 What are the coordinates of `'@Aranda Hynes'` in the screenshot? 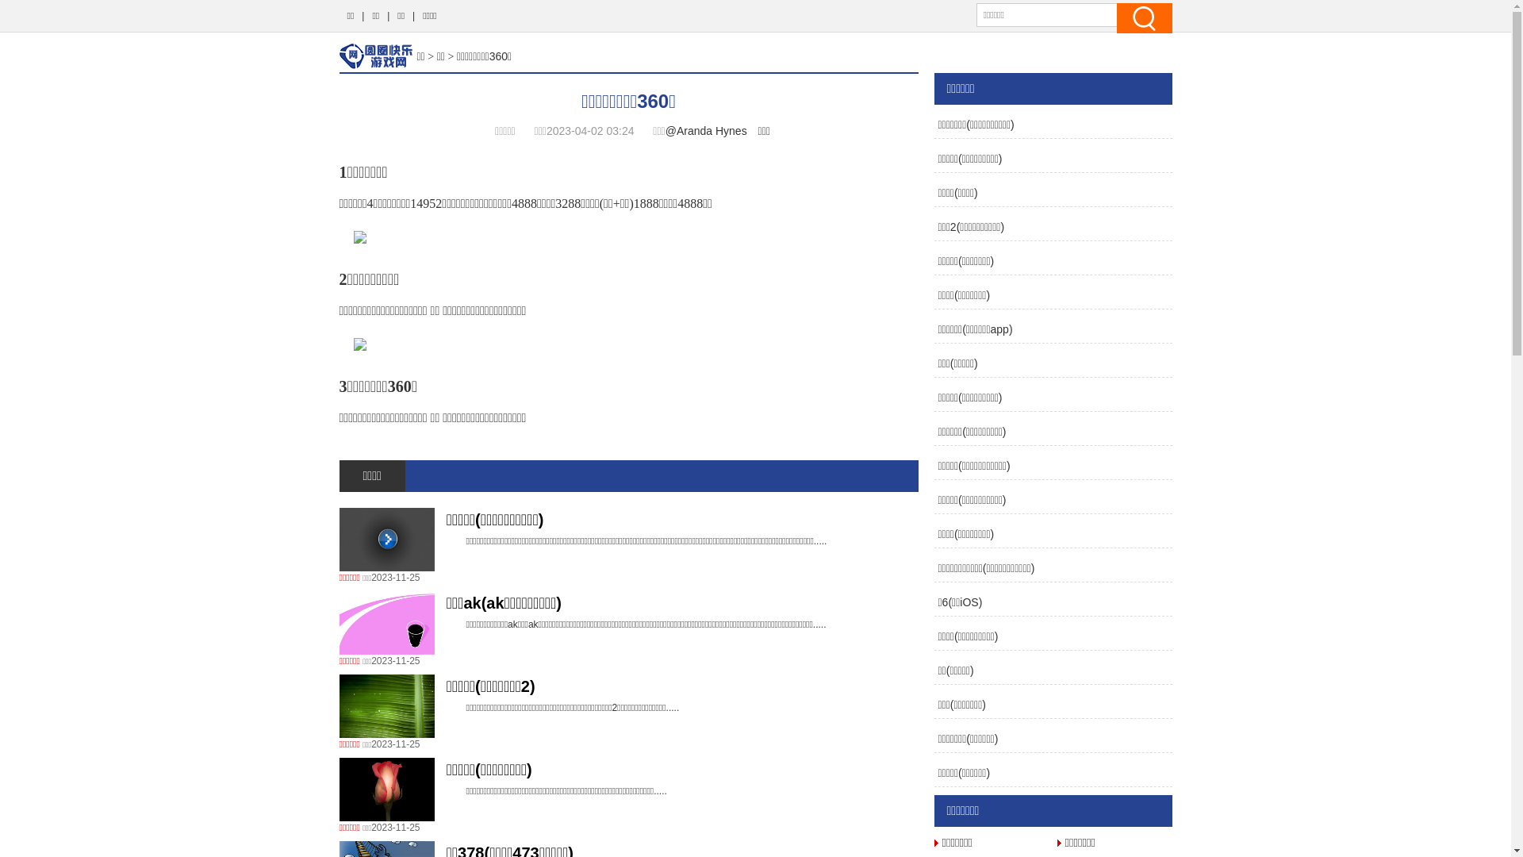 It's located at (705, 130).